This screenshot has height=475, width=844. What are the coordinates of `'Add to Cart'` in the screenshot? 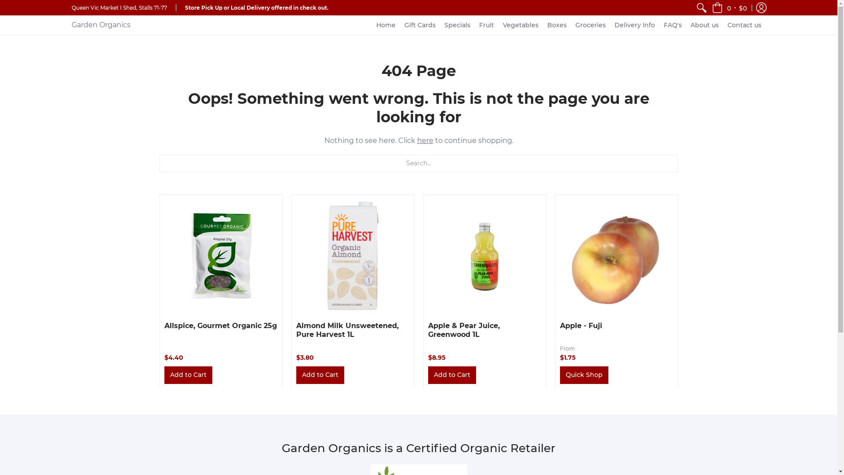 It's located at (452, 375).